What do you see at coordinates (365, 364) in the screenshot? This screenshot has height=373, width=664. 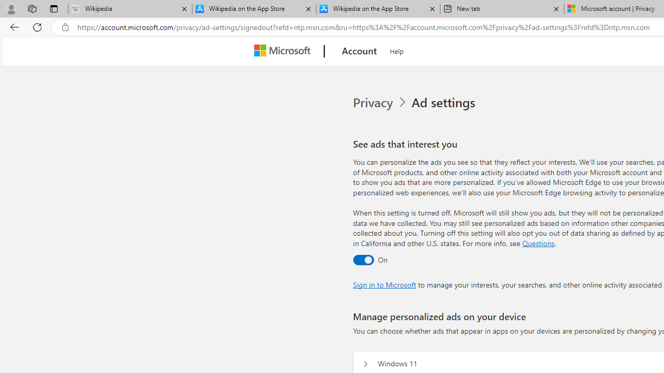 I see `'Manage personalized ads on your device Windows 11'` at bounding box center [365, 364].